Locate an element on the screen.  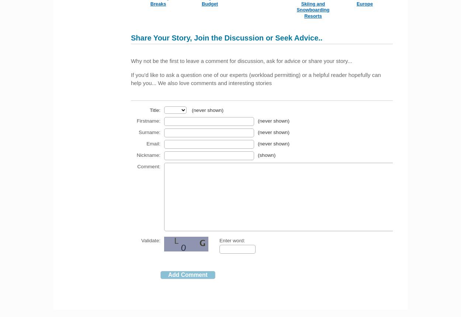
'Surname:' is located at coordinates (149, 131).